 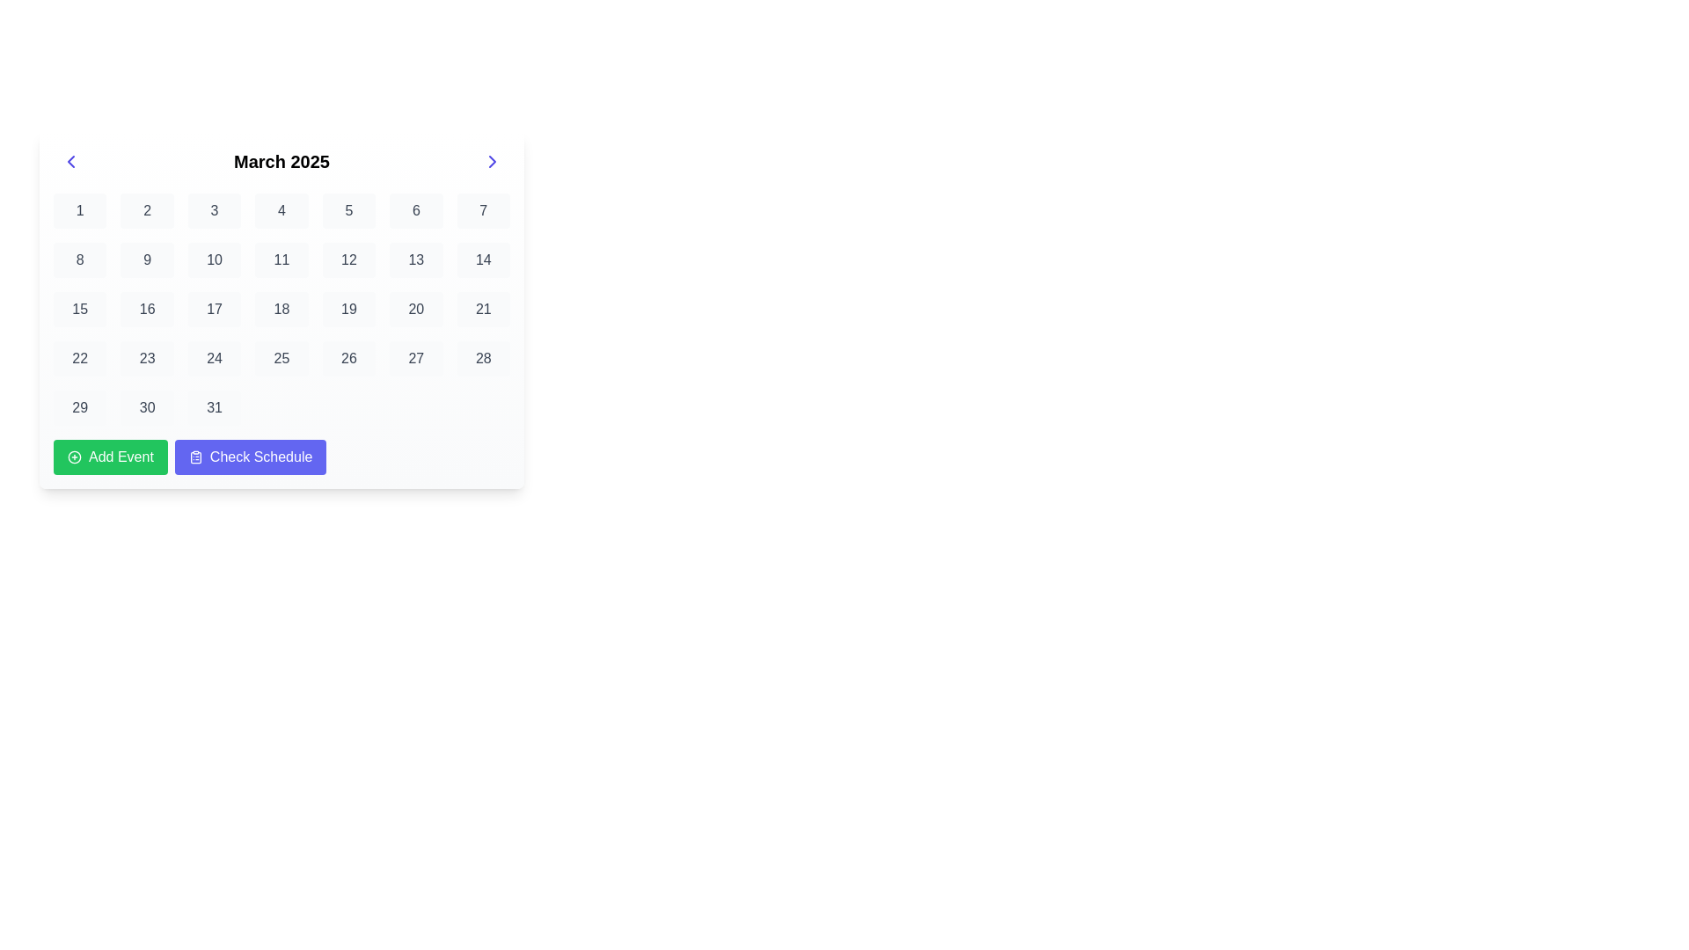 What do you see at coordinates (70, 162) in the screenshot?
I see `the left-pointing chevron icon button located to the left of the 'March 2025' title on the calendar interface` at bounding box center [70, 162].